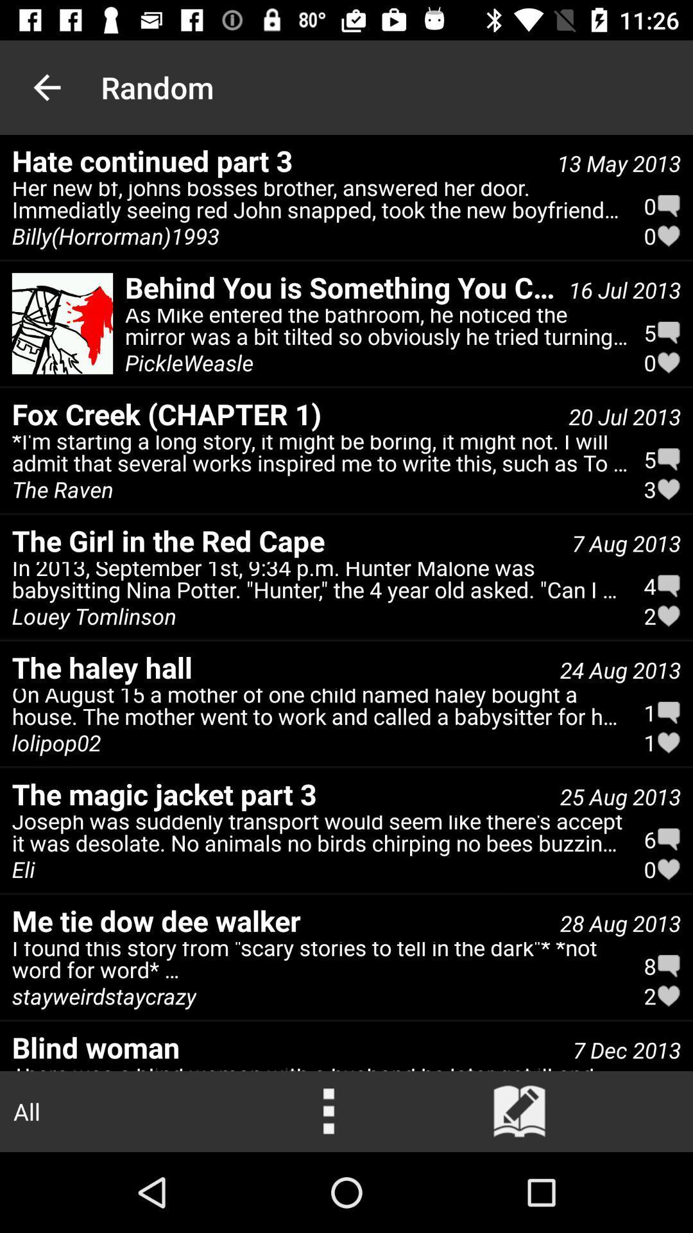 This screenshot has width=693, height=1233. Describe the element at coordinates (56, 742) in the screenshot. I see `icon above the the magic jacket item` at that location.